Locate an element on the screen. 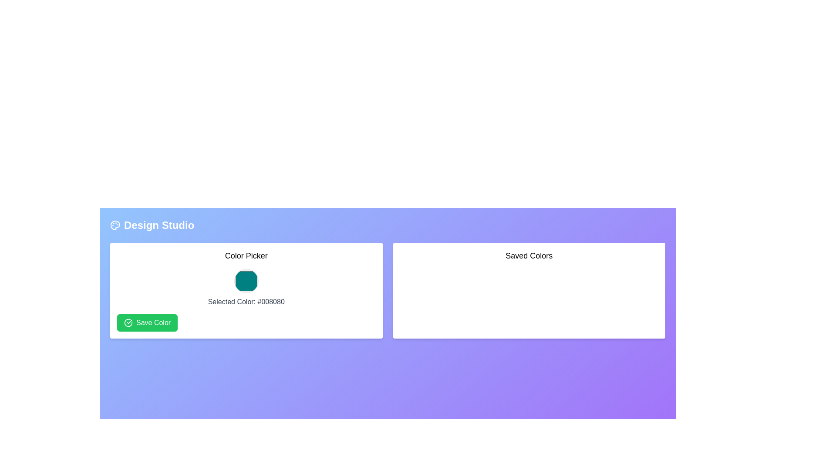 The height and width of the screenshot is (470, 836). the teal circular button with a white border located in the 'Color Picker' section is located at coordinates (246, 281).